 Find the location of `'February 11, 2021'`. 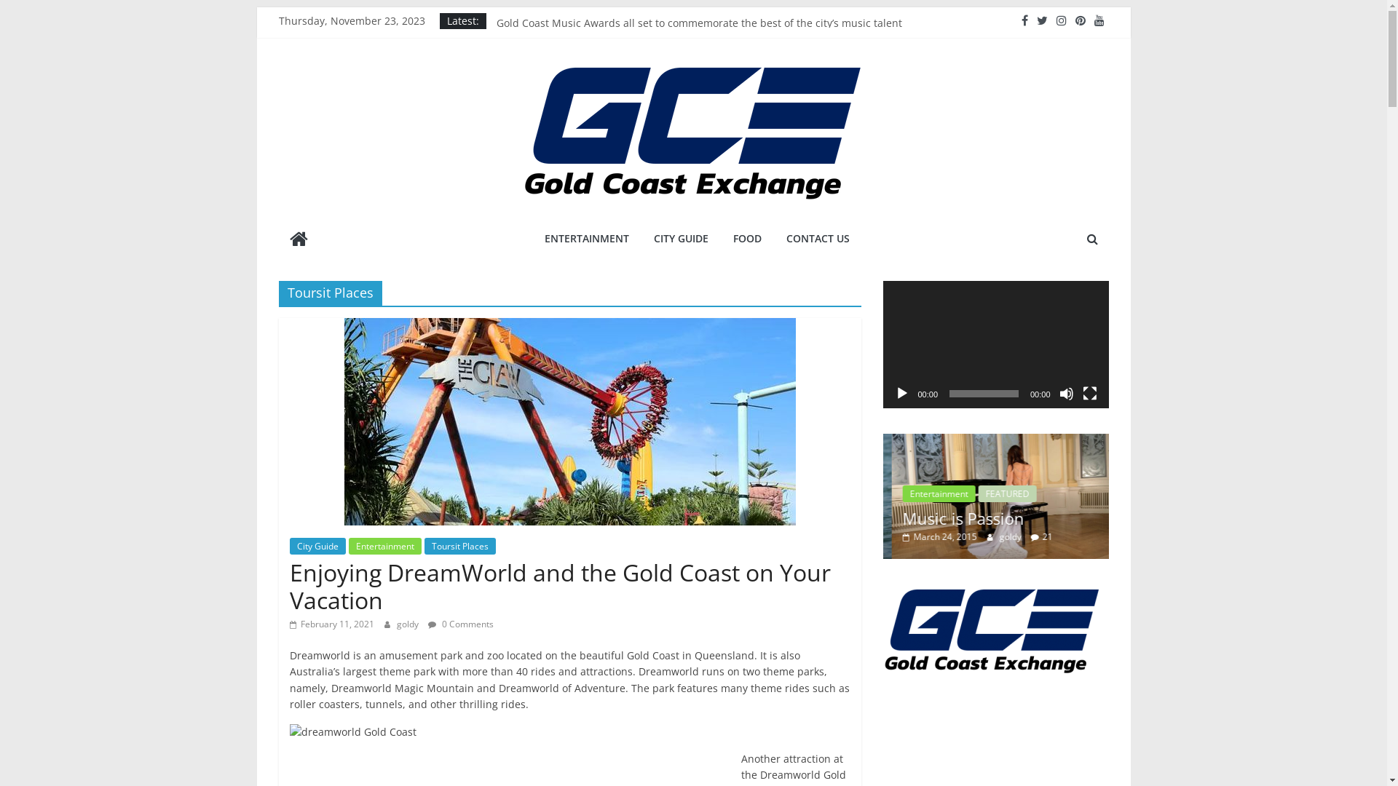

'February 11, 2021' is located at coordinates (331, 623).